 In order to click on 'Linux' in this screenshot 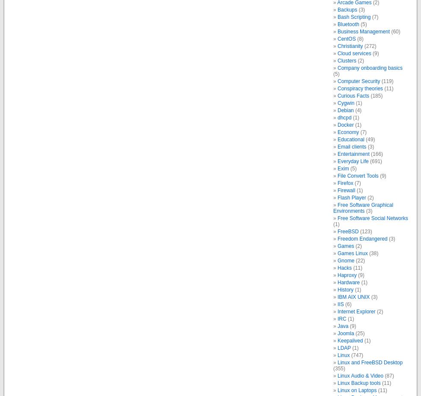, I will do `click(343, 355)`.